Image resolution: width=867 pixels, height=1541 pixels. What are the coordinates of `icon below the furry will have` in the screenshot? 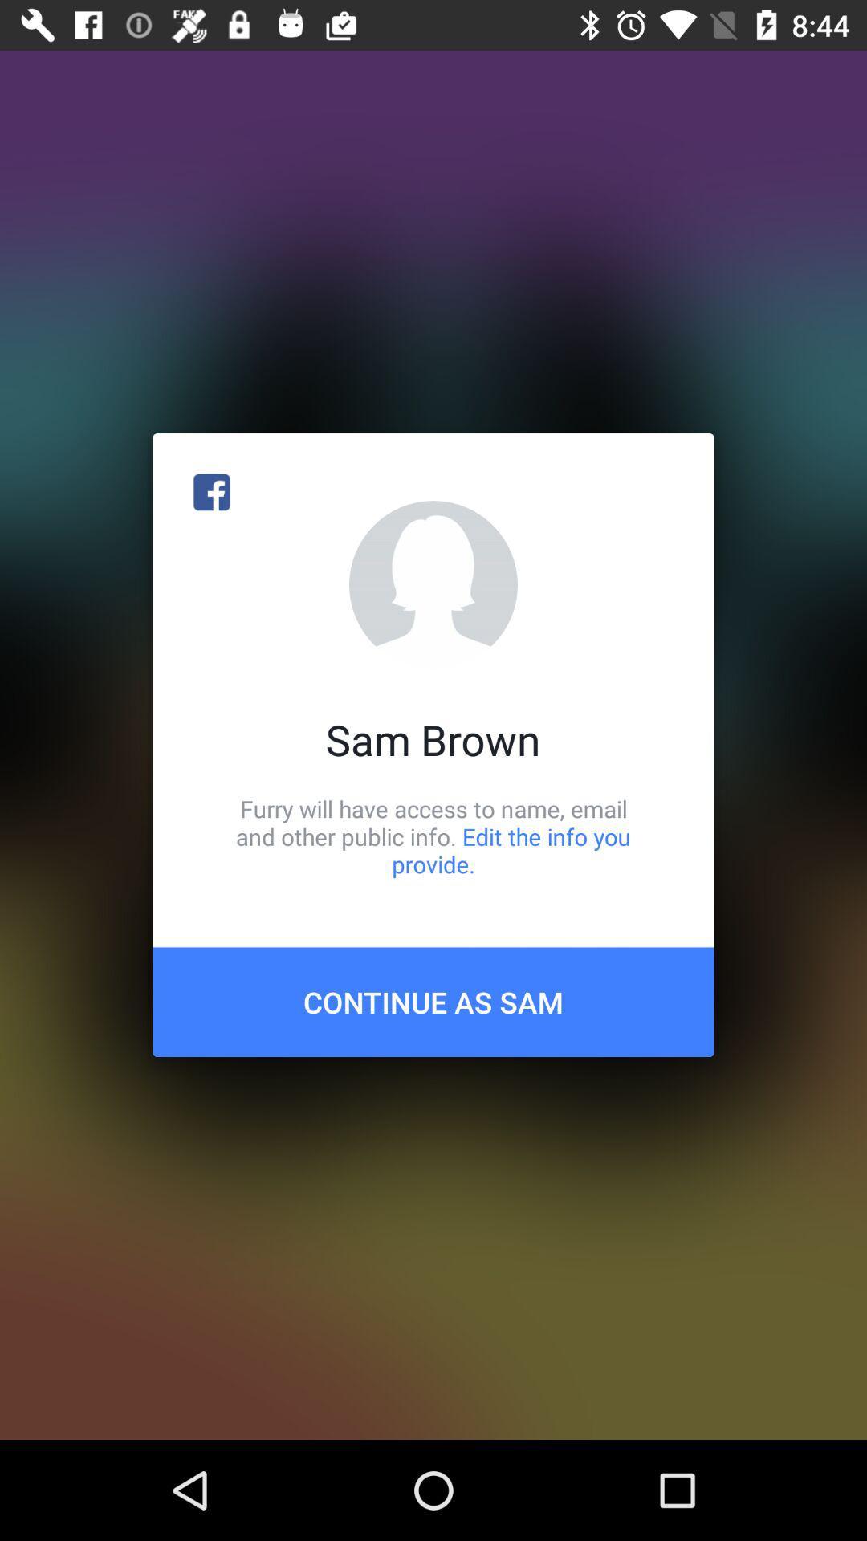 It's located at (433, 1001).